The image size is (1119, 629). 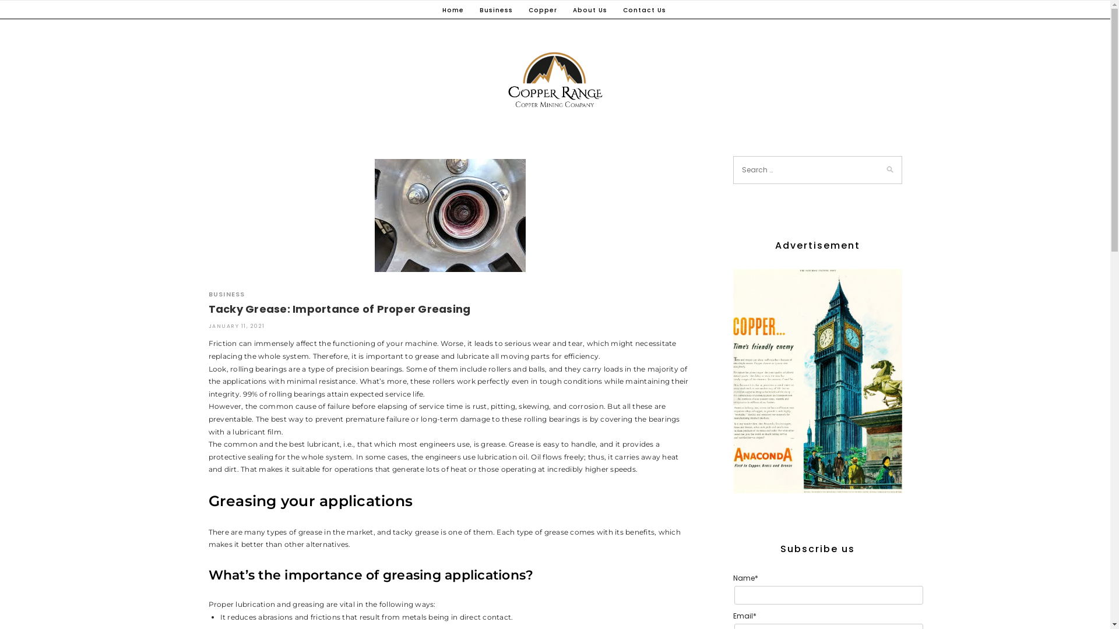 What do you see at coordinates (541, 10) in the screenshot?
I see `'Copper'` at bounding box center [541, 10].